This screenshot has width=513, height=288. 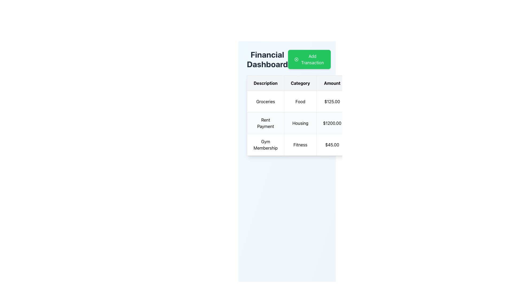 What do you see at coordinates (332, 123) in the screenshot?
I see `the text block displaying the monetary value '$1200.00' under the column titled 'Amount' in the row for 'Rent Payment'` at bounding box center [332, 123].